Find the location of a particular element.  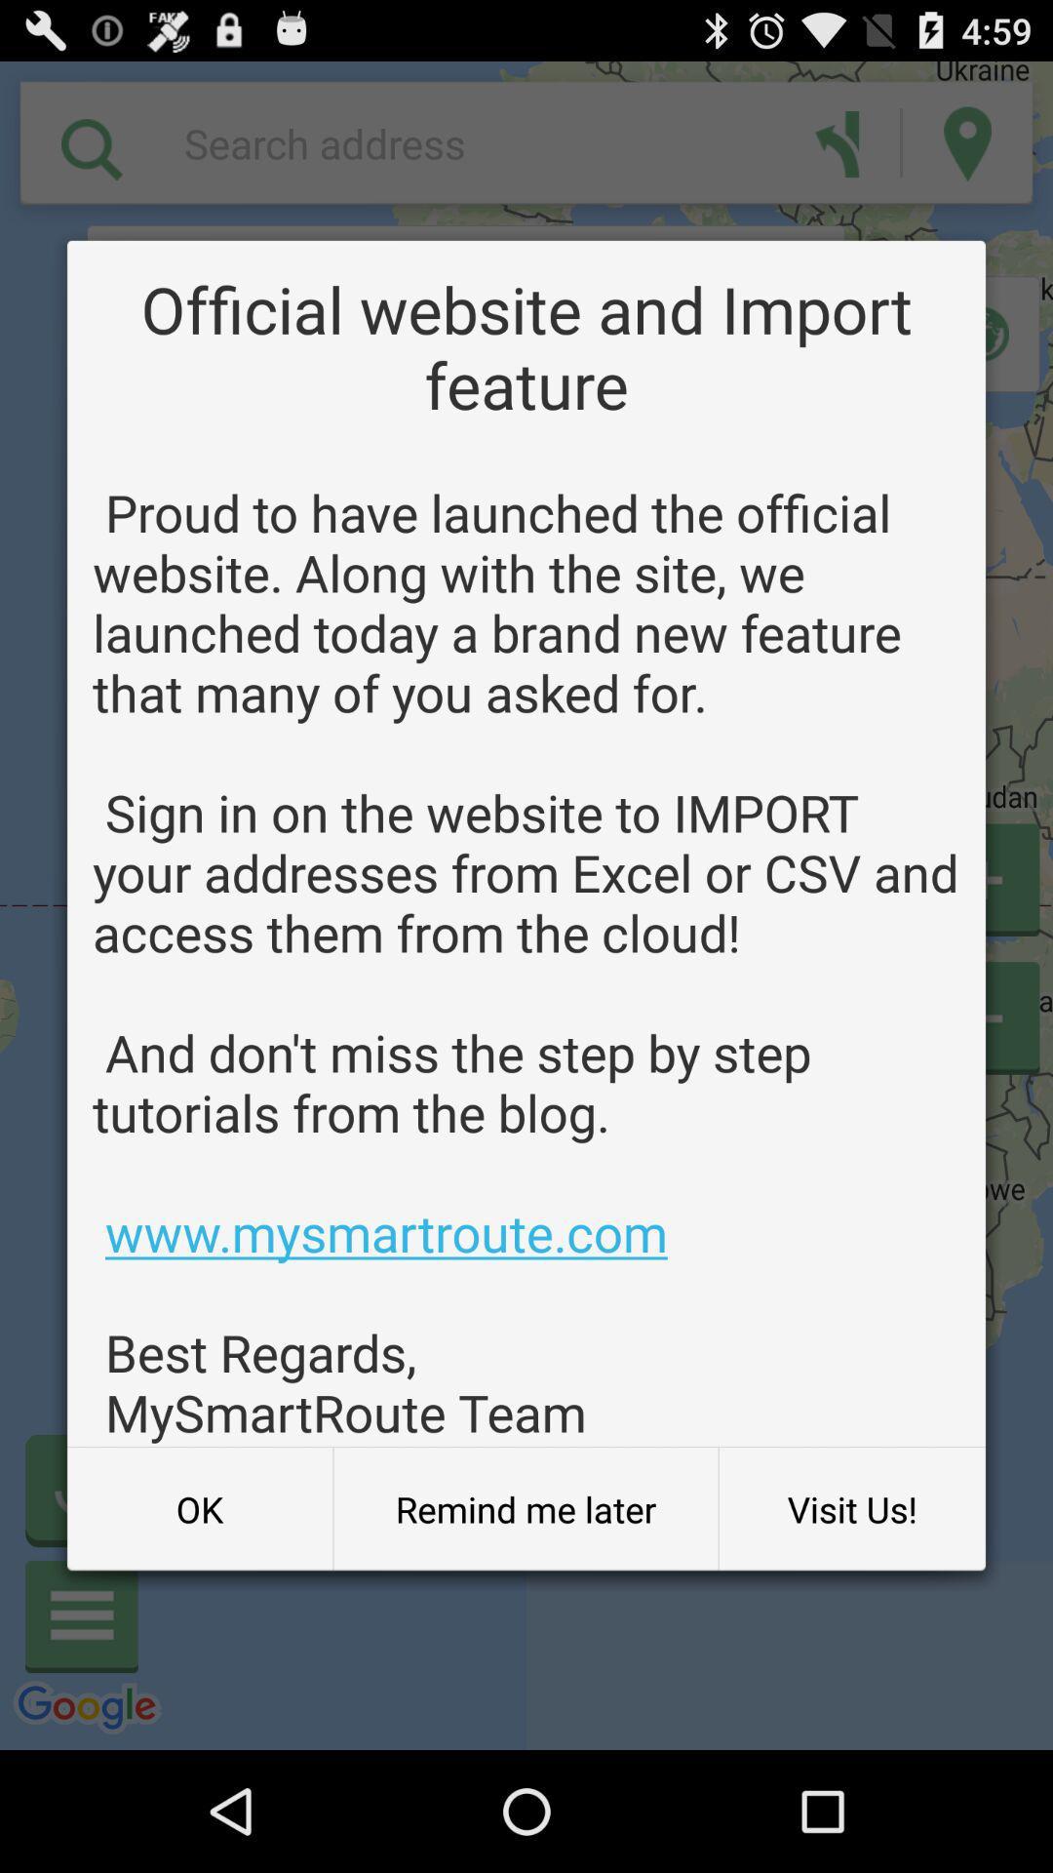

button next to the visit us! item is located at coordinates (525, 1508).